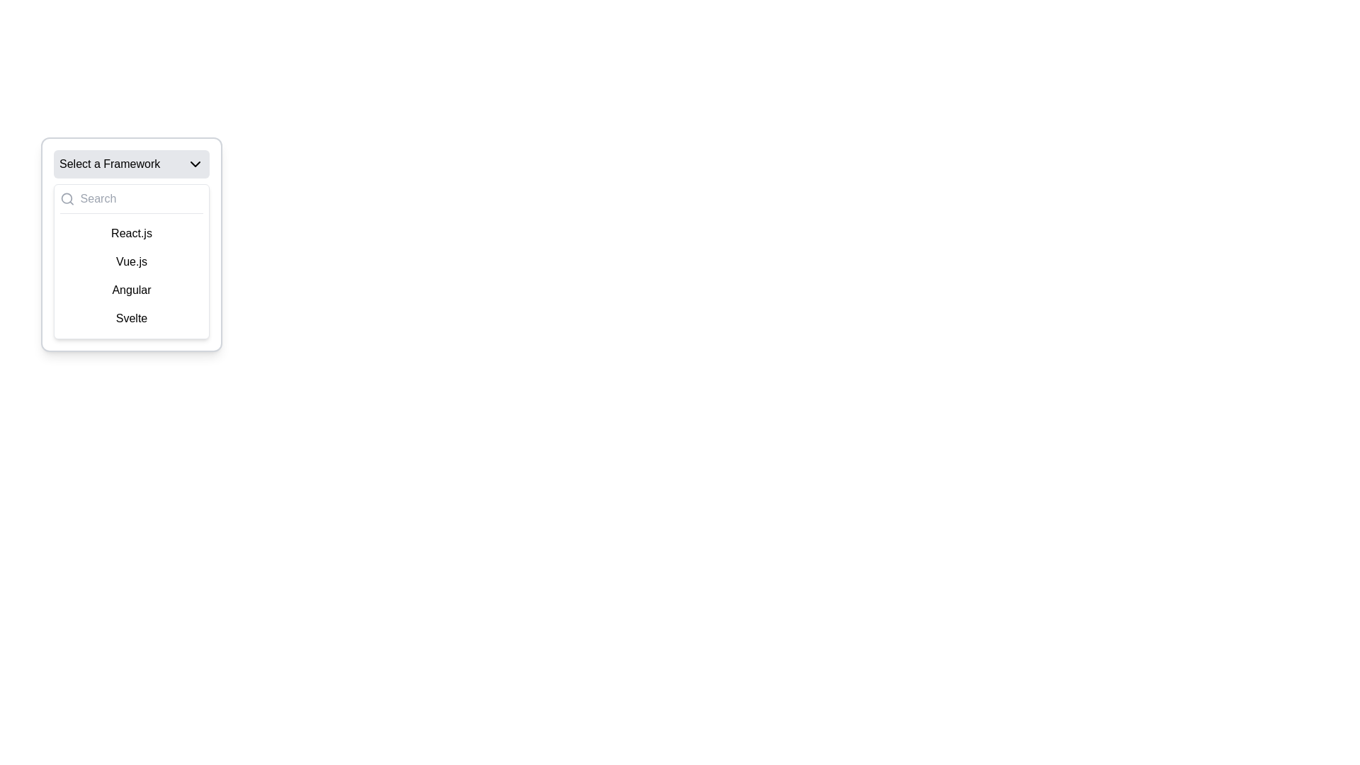 This screenshot has width=1360, height=765. I want to click on to select the 'Svelte' option from the dropdown menu, which is the fourth item in a vertical list below 'Angular', 'Vue.js', and 'React.js', so click(132, 319).